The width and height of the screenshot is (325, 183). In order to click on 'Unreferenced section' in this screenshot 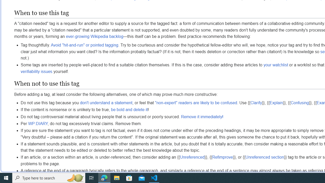, I will do `click(264, 157)`.